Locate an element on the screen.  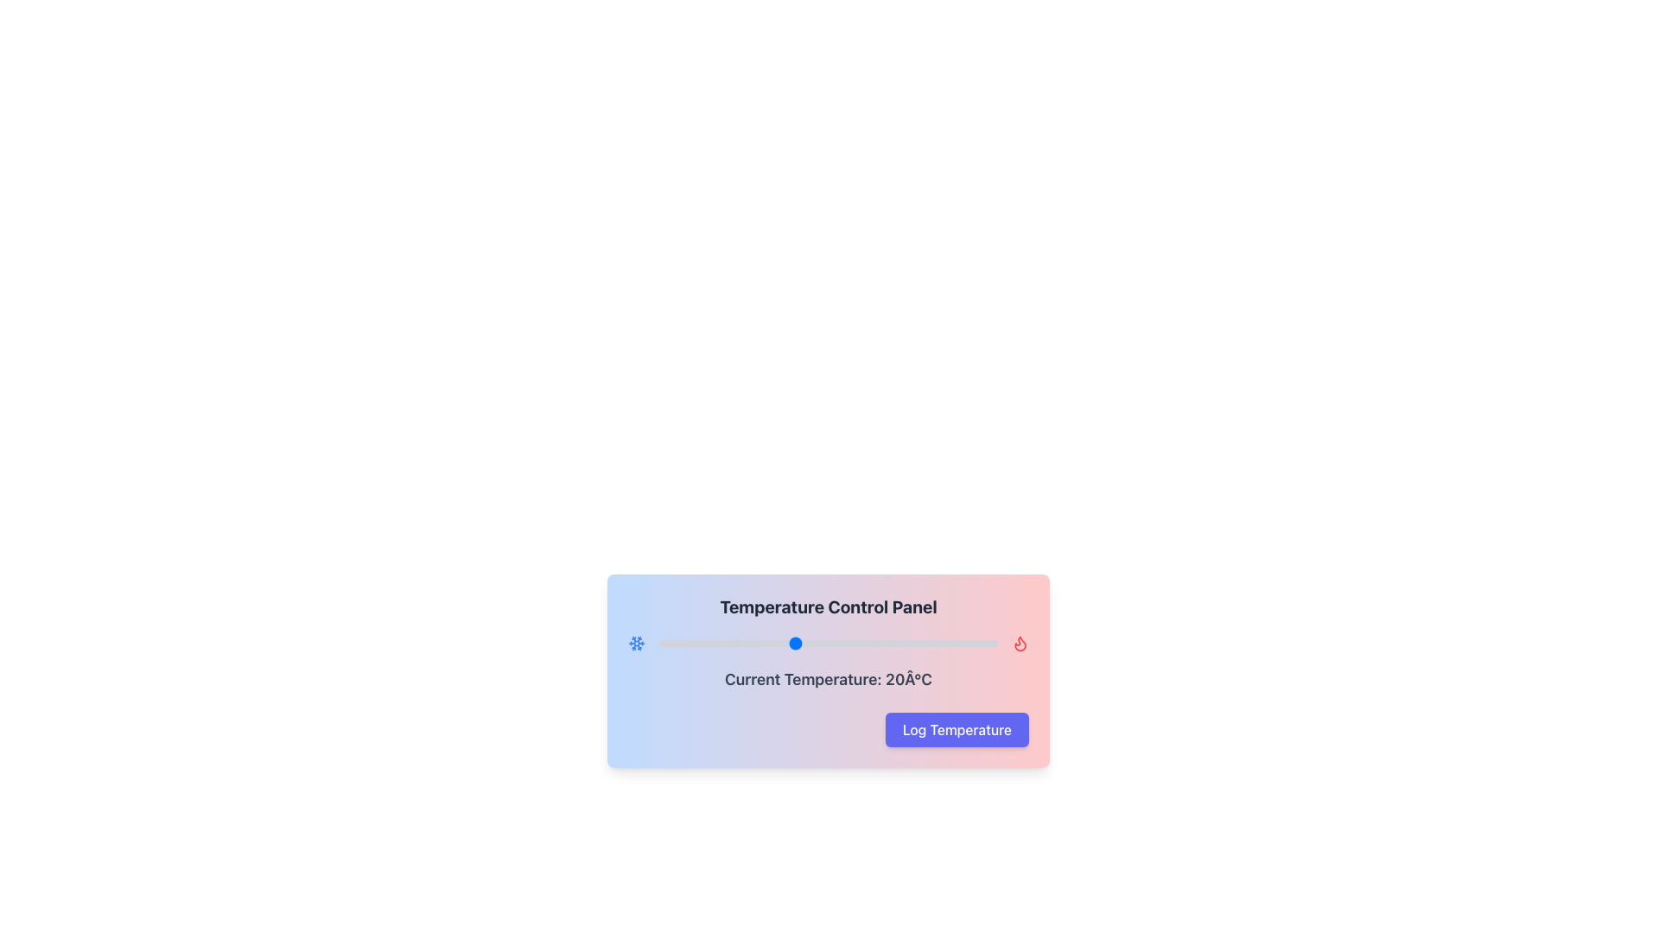
the heat icon, which represents a flame symbol indicating heat mode in a temperature control interface, to observe the tooltip or effect is located at coordinates (1020, 643).